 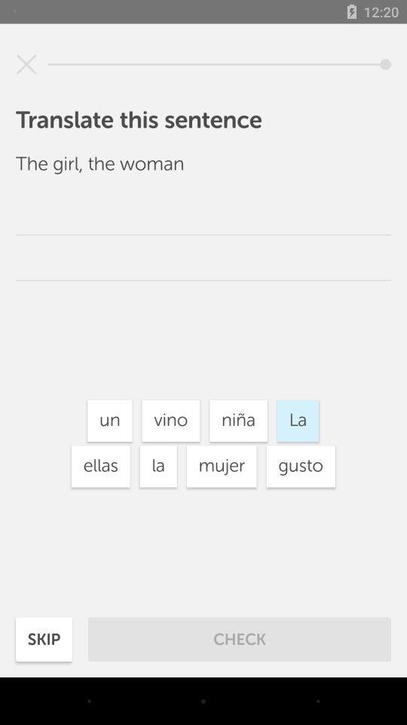 What do you see at coordinates (44, 639) in the screenshot?
I see `skip` at bounding box center [44, 639].